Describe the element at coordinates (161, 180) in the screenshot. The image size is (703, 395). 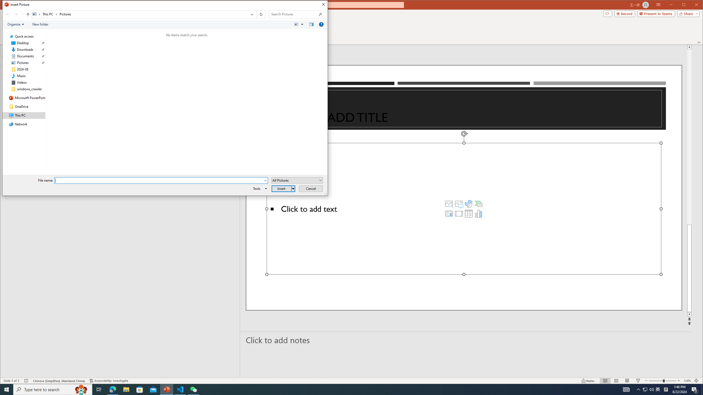
I see `'File name:'` at that location.